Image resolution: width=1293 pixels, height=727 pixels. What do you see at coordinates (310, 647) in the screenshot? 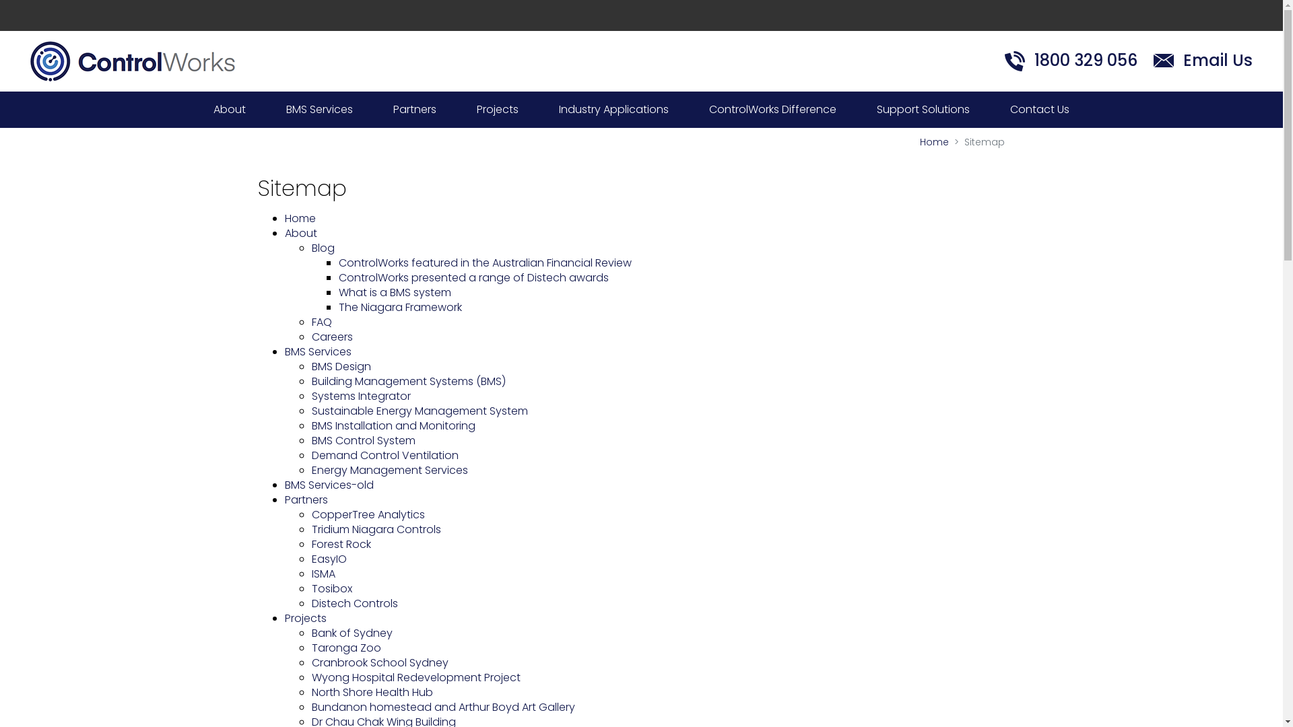
I see `'Taronga Zoo'` at bounding box center [310, 647].